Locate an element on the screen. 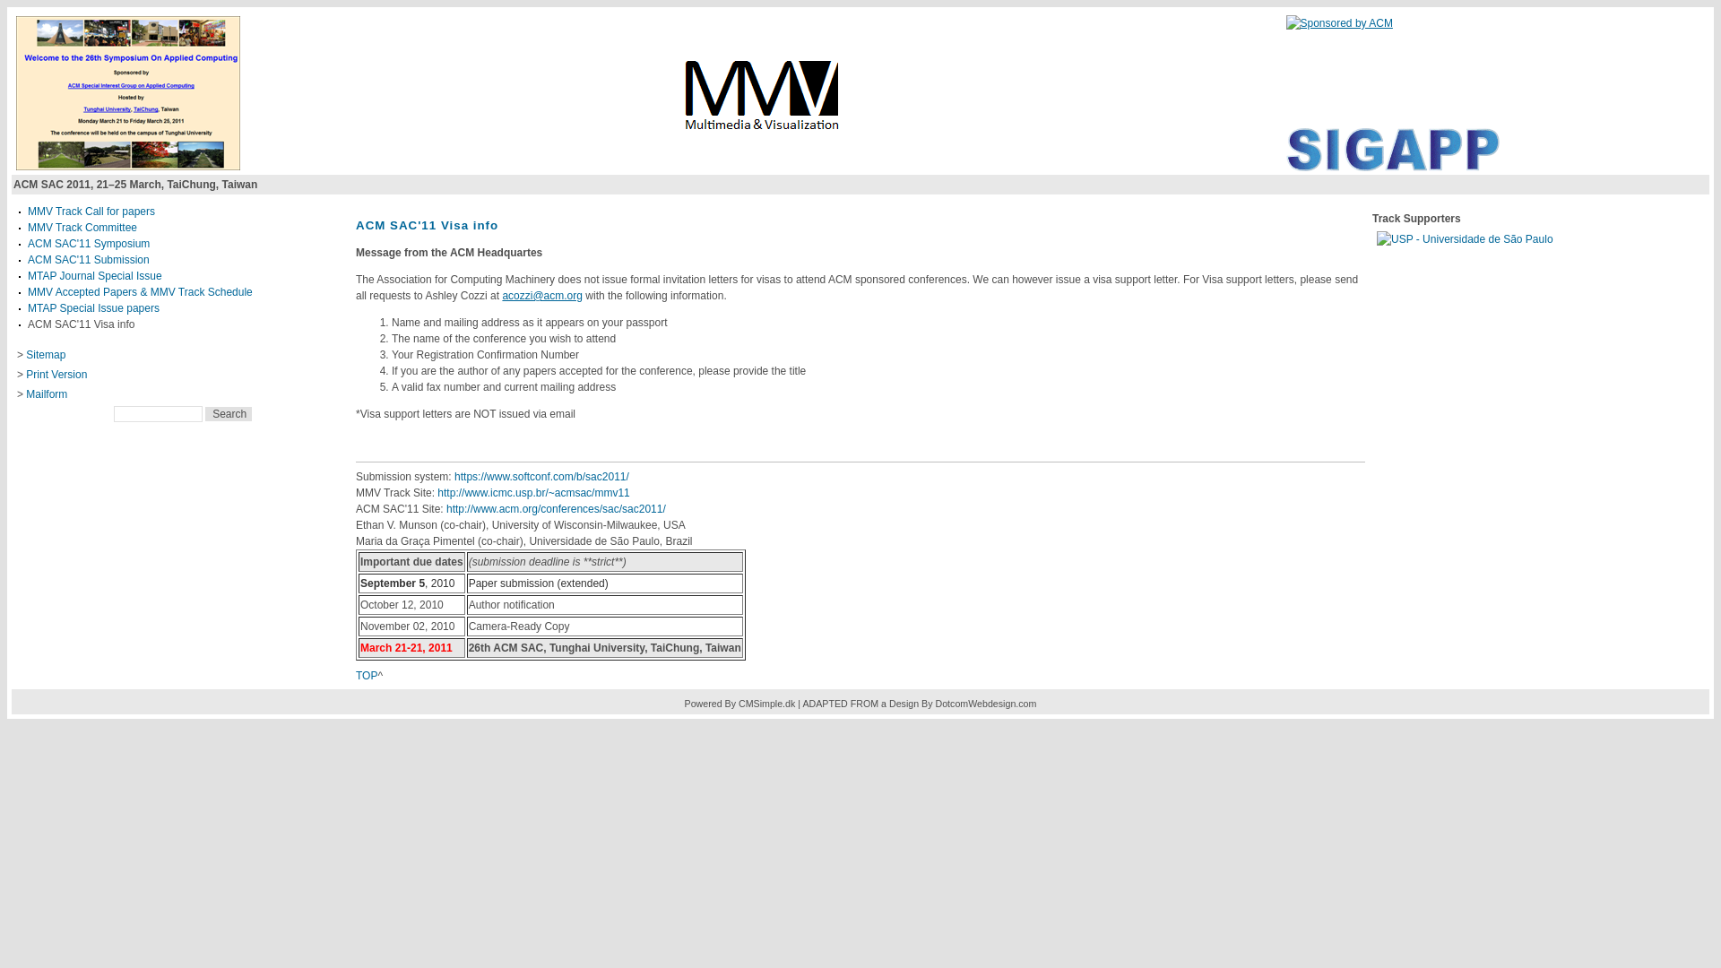 This screenshot has height=968, width=1721. 'SIGAPP' is located at coordinates (1391, 167).